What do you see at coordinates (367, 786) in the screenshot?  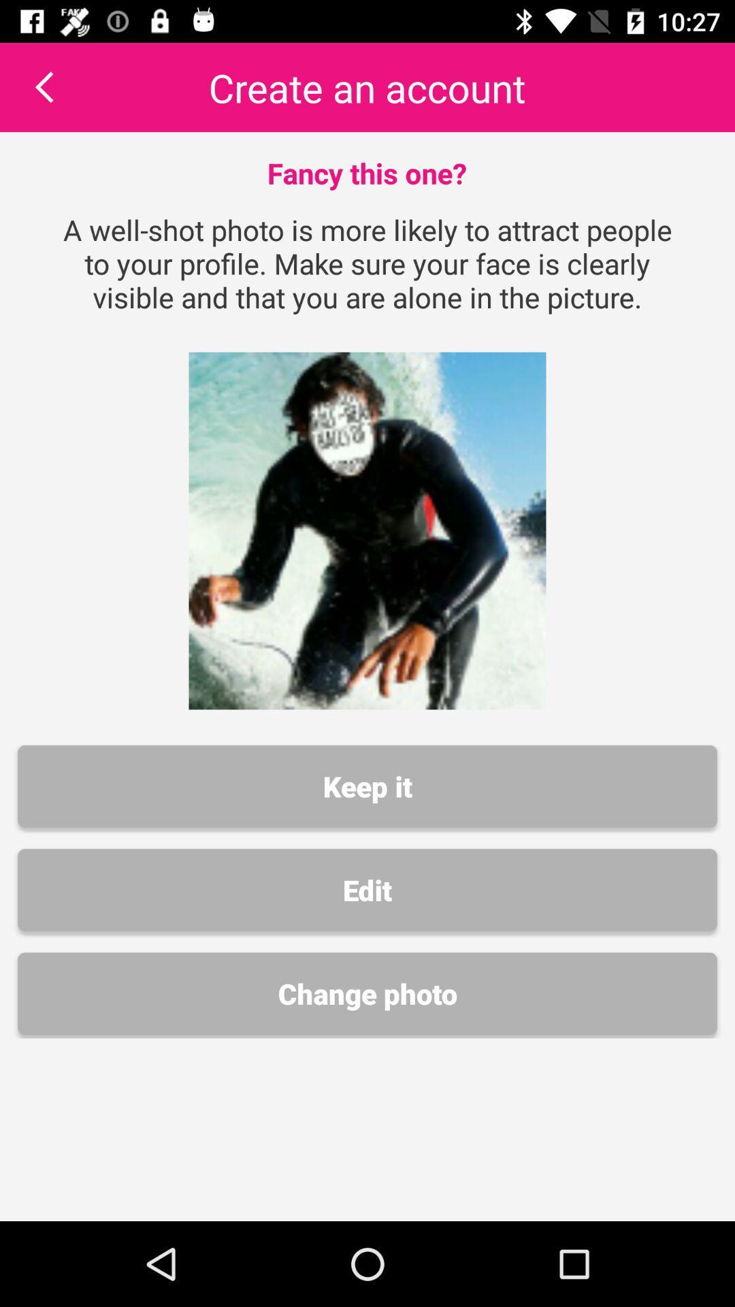 I see `keep it icon` at bounding box center [367, 786].